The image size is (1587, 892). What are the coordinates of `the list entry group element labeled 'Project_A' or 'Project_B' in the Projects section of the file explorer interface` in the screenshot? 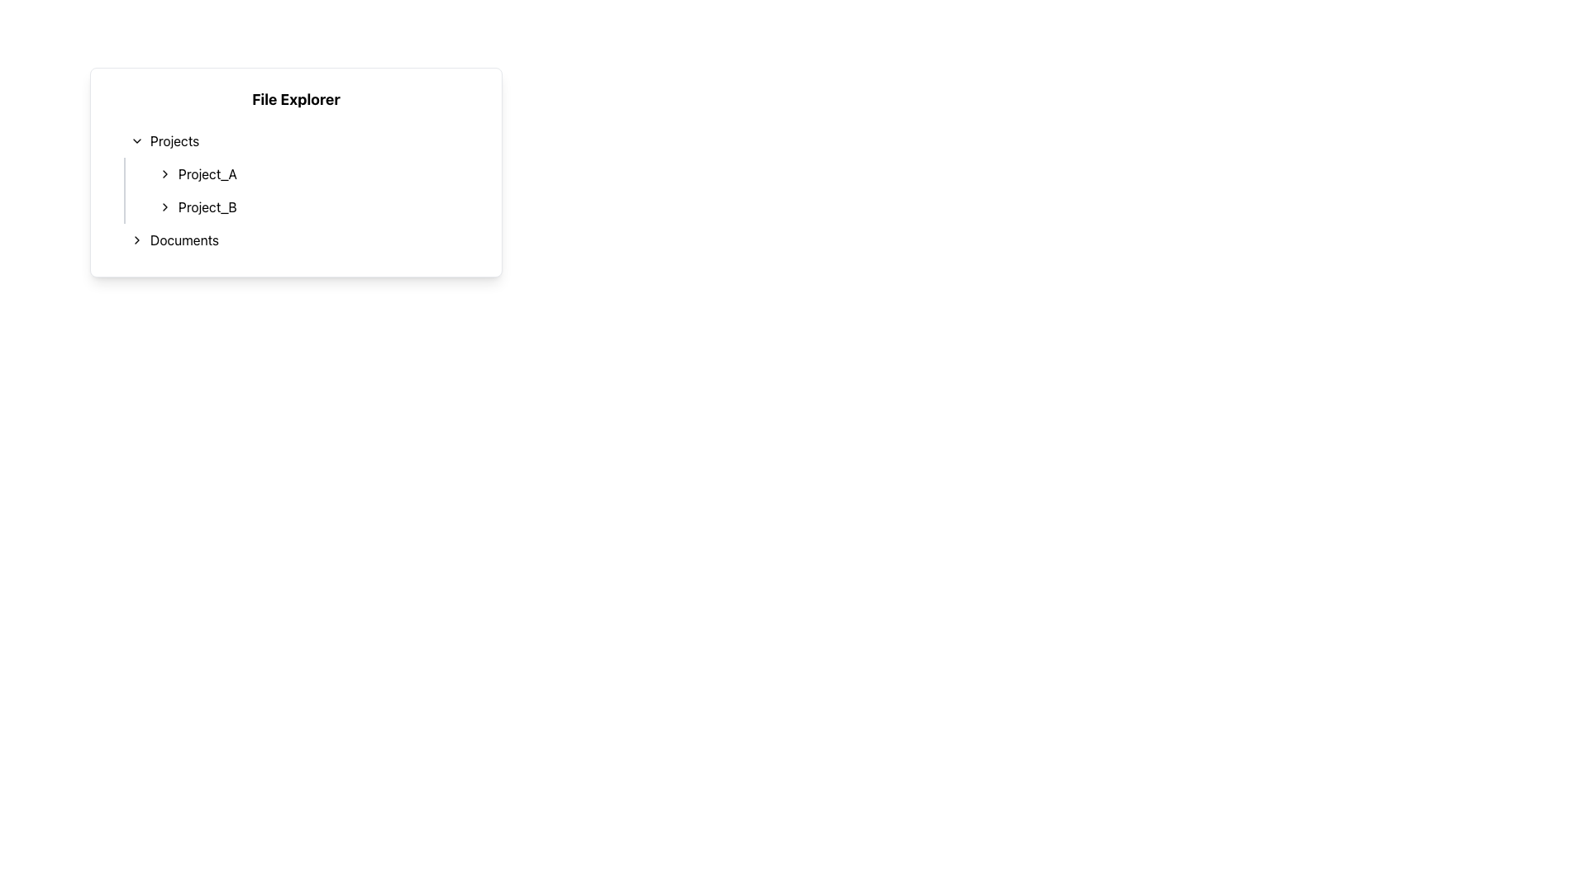 It's located at (303, 190).